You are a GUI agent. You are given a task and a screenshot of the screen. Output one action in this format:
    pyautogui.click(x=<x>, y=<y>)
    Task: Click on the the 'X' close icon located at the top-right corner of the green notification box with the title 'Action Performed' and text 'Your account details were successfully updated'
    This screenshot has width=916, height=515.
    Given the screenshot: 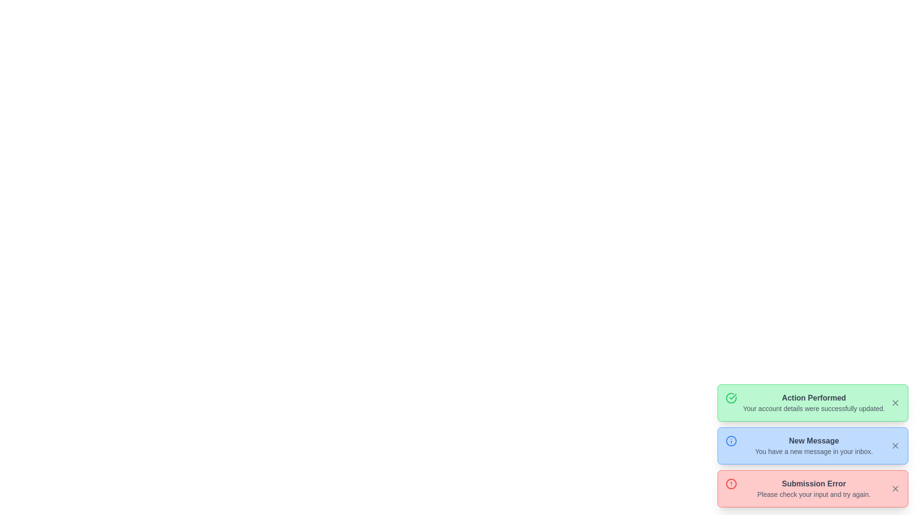 What is the action you would take?
    pyautogui.click(x=895, y=402)
    